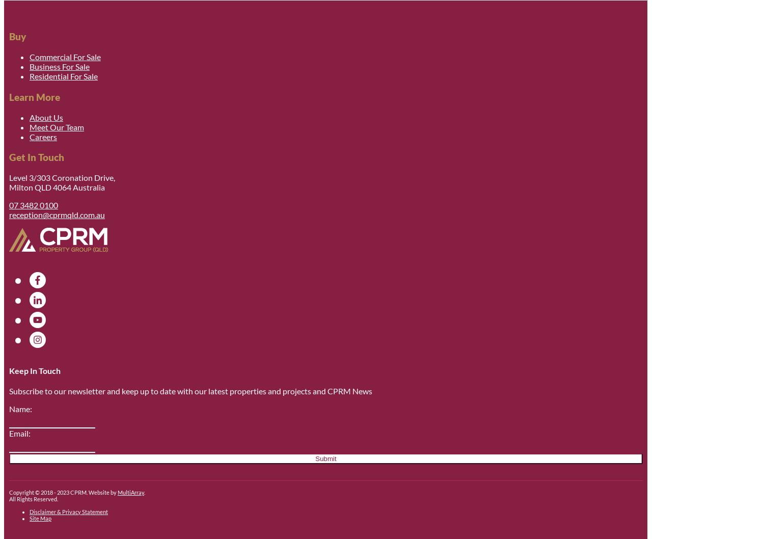  Describe the element at coordinates (42, 136) in the screenshot. I see `'Careers'` at that location.